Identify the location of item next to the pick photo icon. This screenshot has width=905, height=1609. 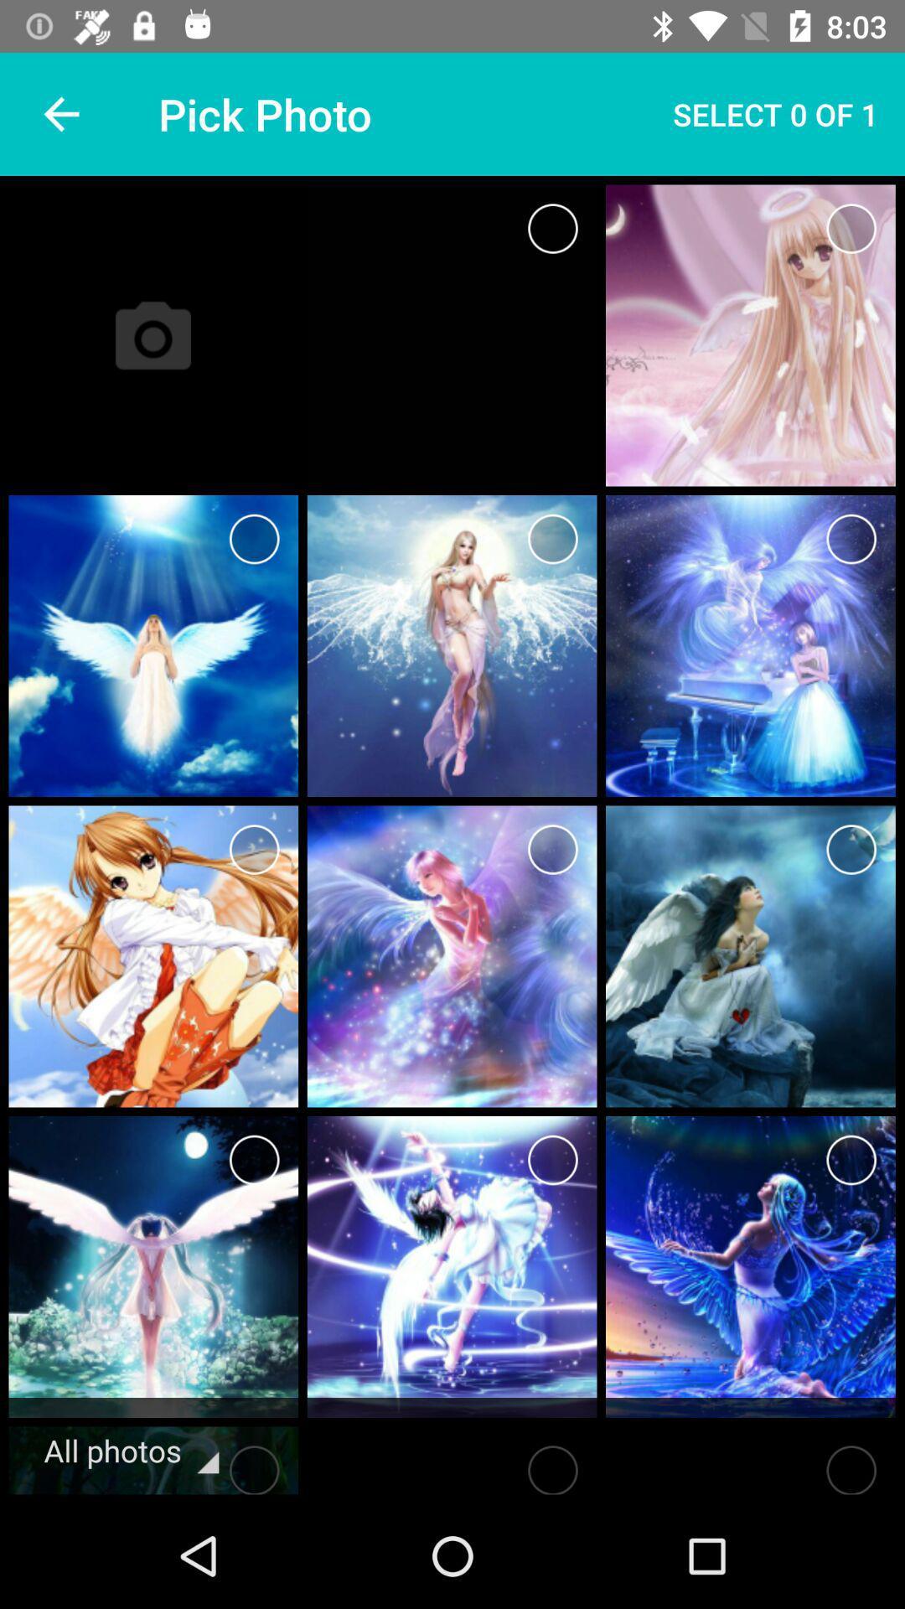
(775, 113).